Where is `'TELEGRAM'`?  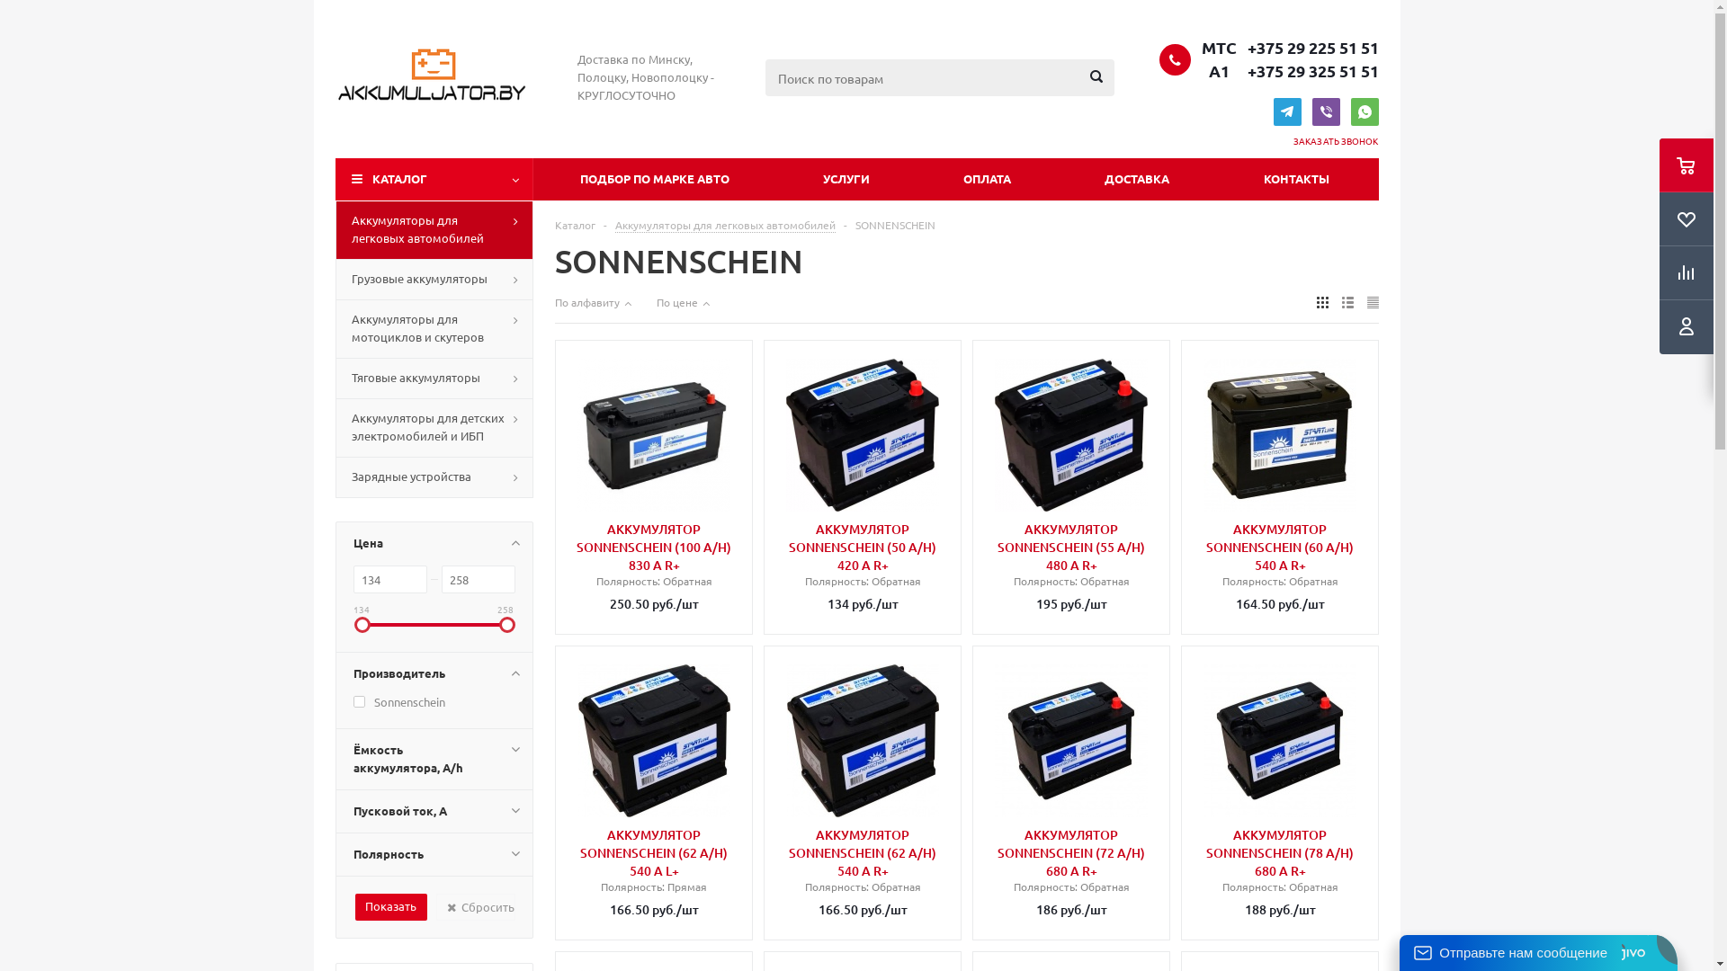 'TELEGRAM' is located at coordinates (1273, 111).